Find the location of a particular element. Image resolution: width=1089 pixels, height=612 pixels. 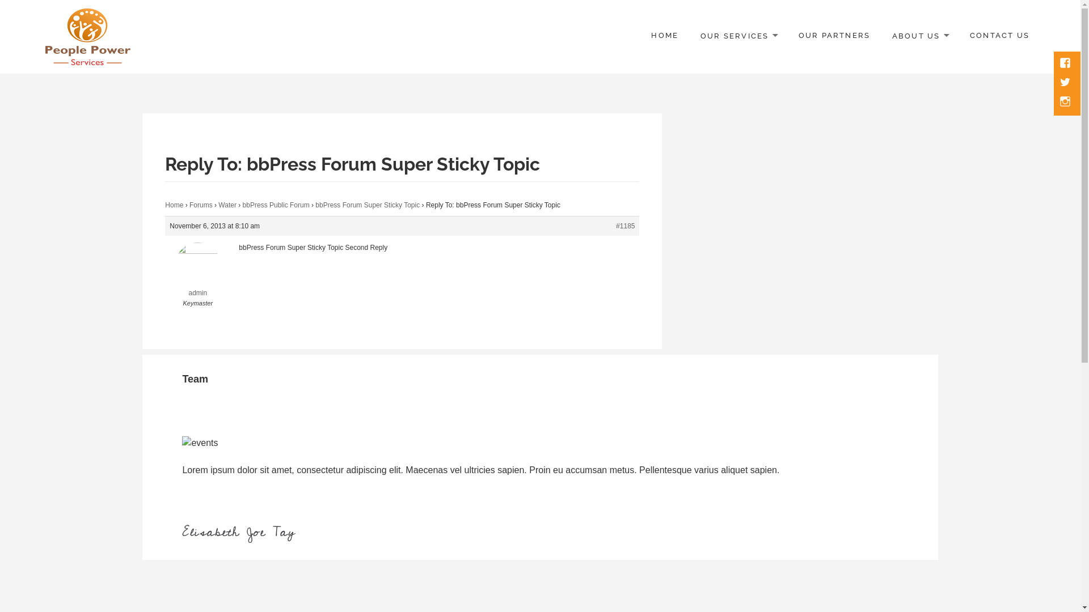

'admin' is located at coordinates (164, 277).